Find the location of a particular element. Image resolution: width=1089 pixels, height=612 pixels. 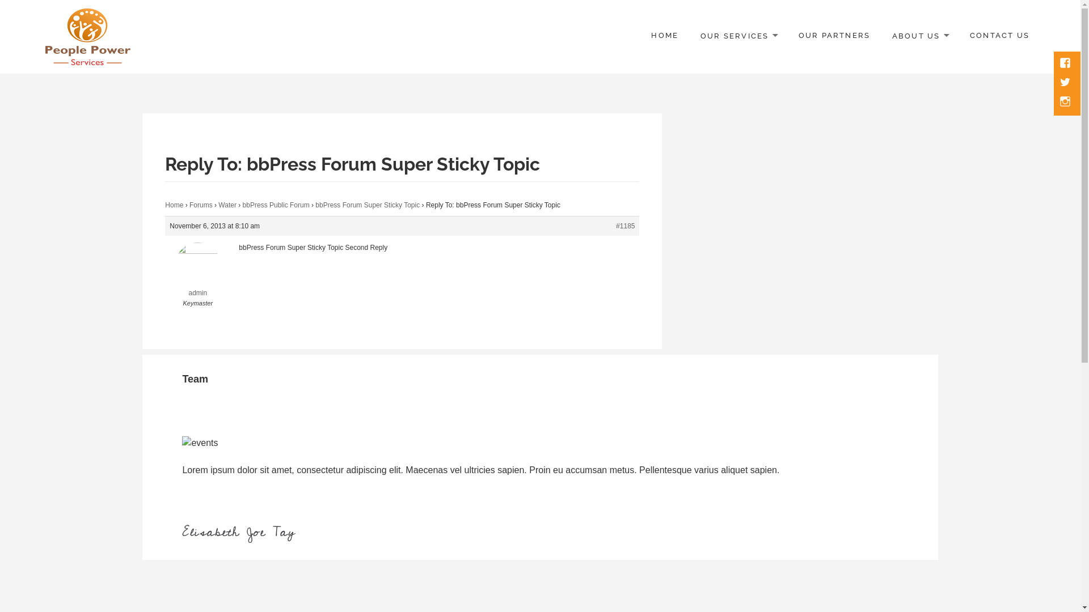

'admin' is located at coordinates (164, 277).